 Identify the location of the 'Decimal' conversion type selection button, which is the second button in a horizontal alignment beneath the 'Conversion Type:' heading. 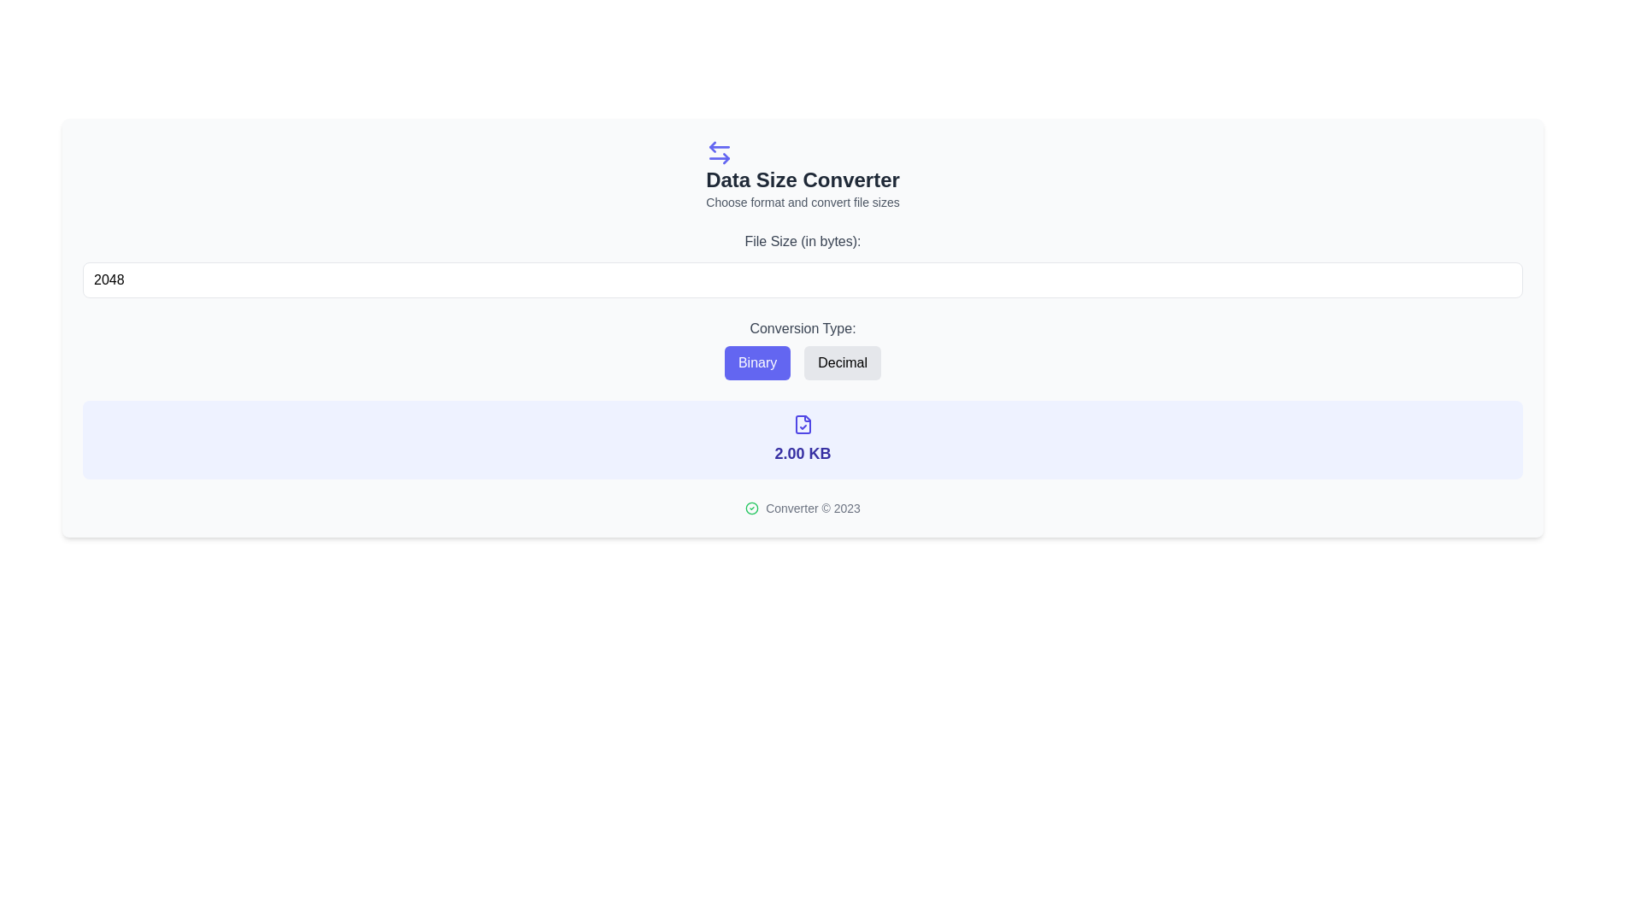
(843, 362).